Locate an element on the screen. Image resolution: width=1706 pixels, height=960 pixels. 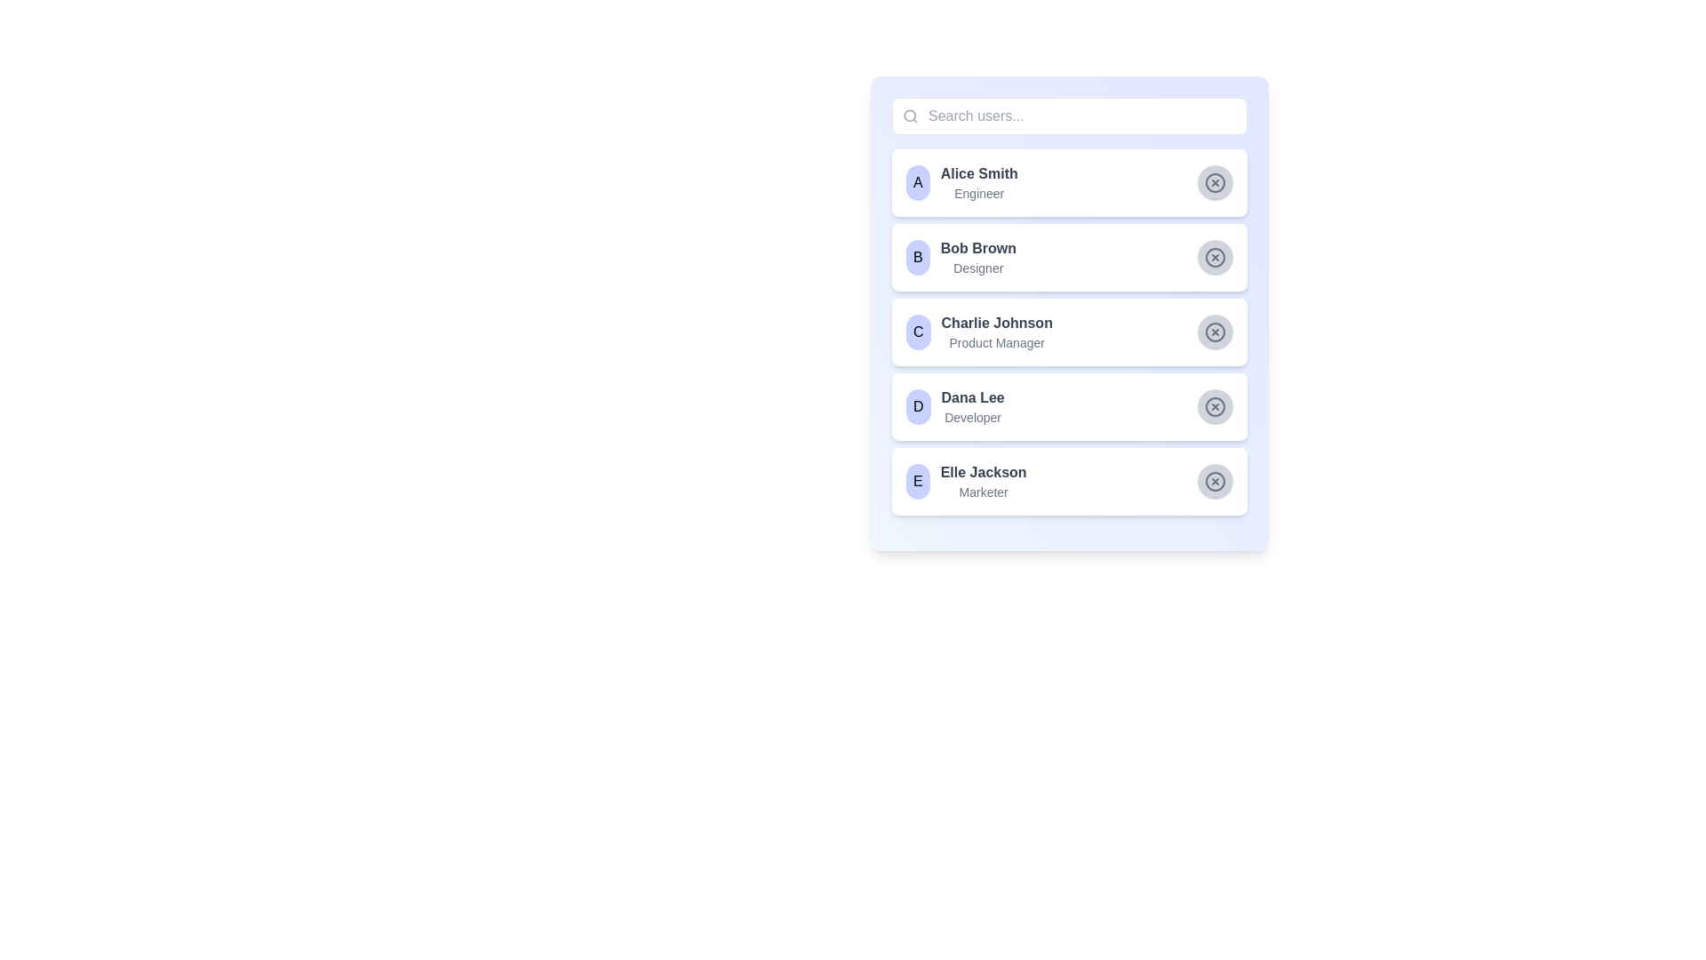
the circular gray button with an 'x' icon located at the far-right corner of the card displaying 'Dana Lee, Developer' to possibly see a tooltip is located at coordinates (1215, 407).